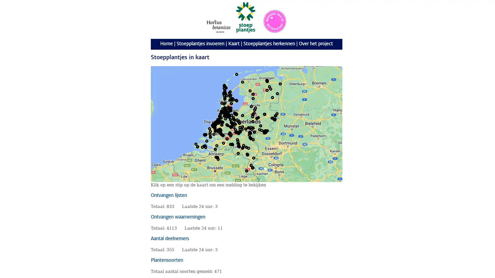  Describe the element at coordinates (231, 127) in the screenshot. I see `Telling van Floran op 02 mei 2022` at that location.